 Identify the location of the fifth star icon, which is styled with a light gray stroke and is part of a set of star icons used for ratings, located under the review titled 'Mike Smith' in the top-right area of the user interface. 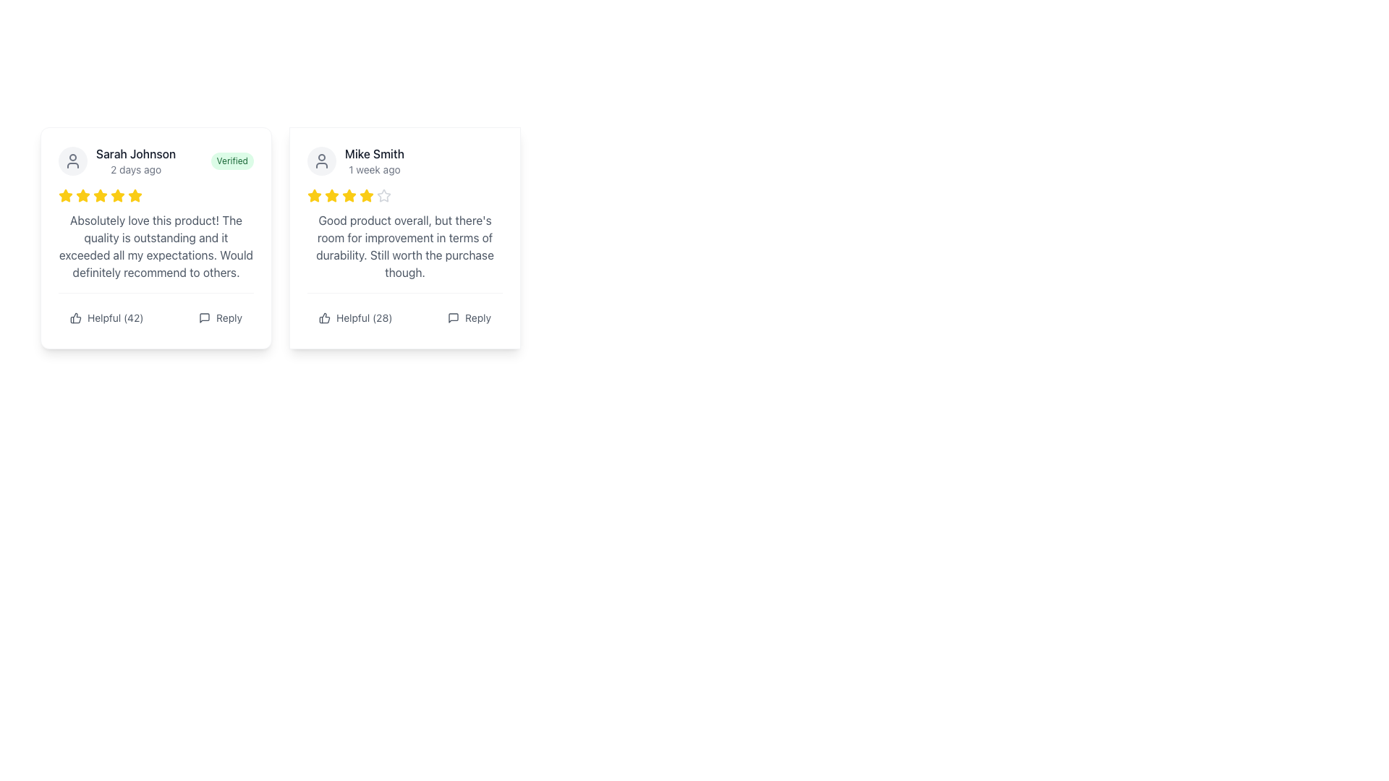
(384, 195).